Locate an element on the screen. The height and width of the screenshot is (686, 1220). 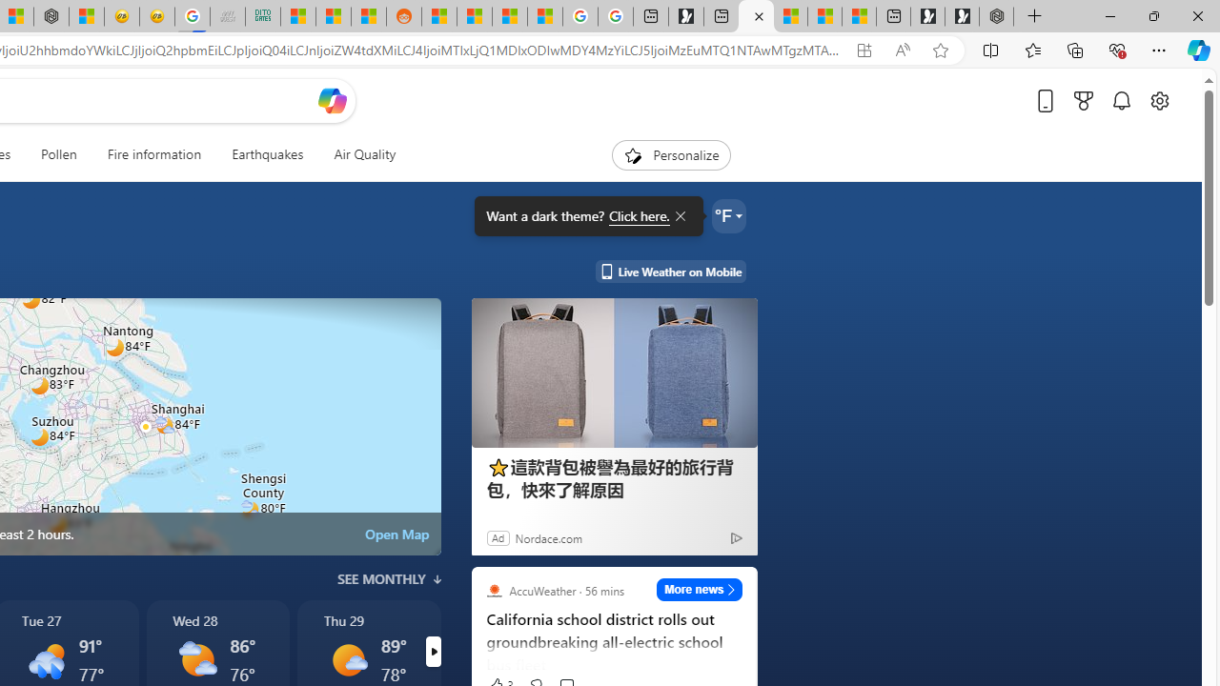
'Play Free Online Games | Games from Microsoft Start' is located at coordinates (962, 16).